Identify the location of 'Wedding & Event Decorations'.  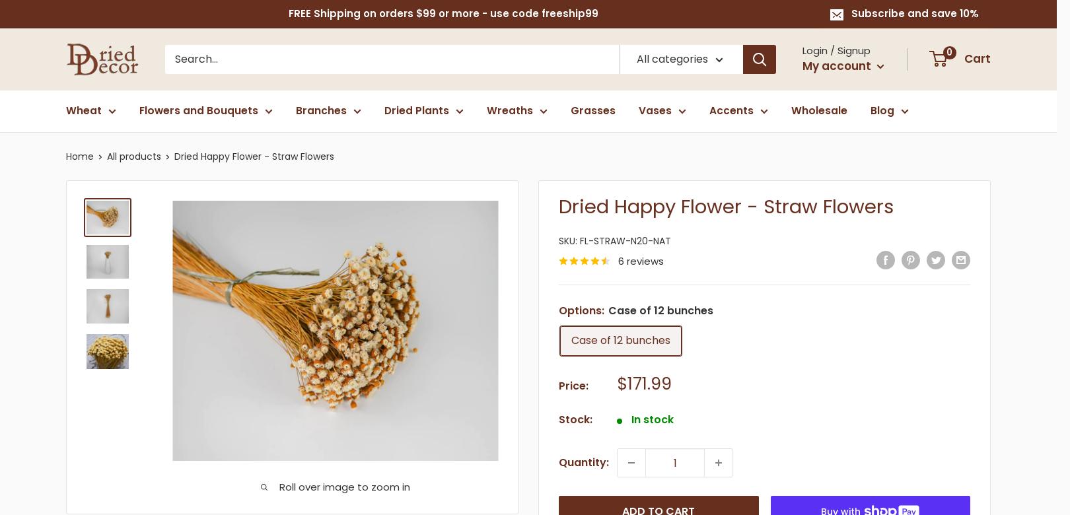
(951, 265).